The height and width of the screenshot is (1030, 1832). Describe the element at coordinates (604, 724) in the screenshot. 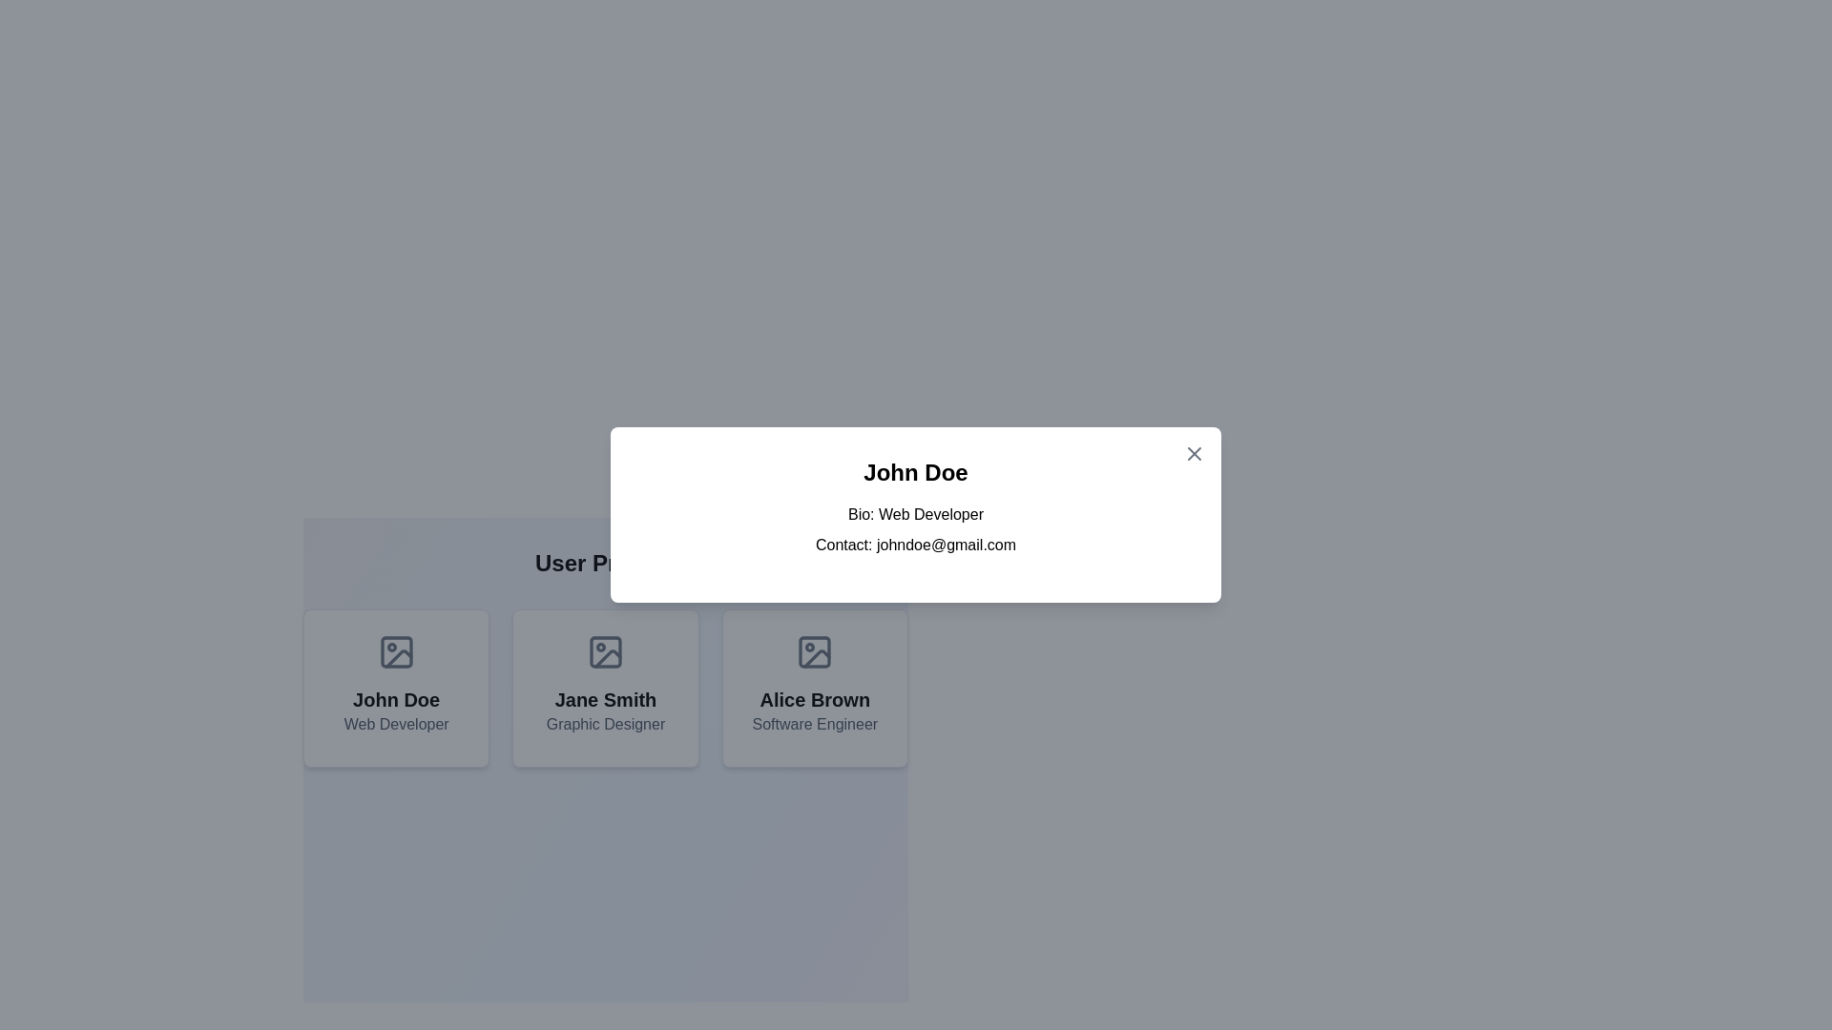

I see `the static text label displaying 'Graphic Designer', which is centered below the name 'Jane Smith' within its card` at that location.